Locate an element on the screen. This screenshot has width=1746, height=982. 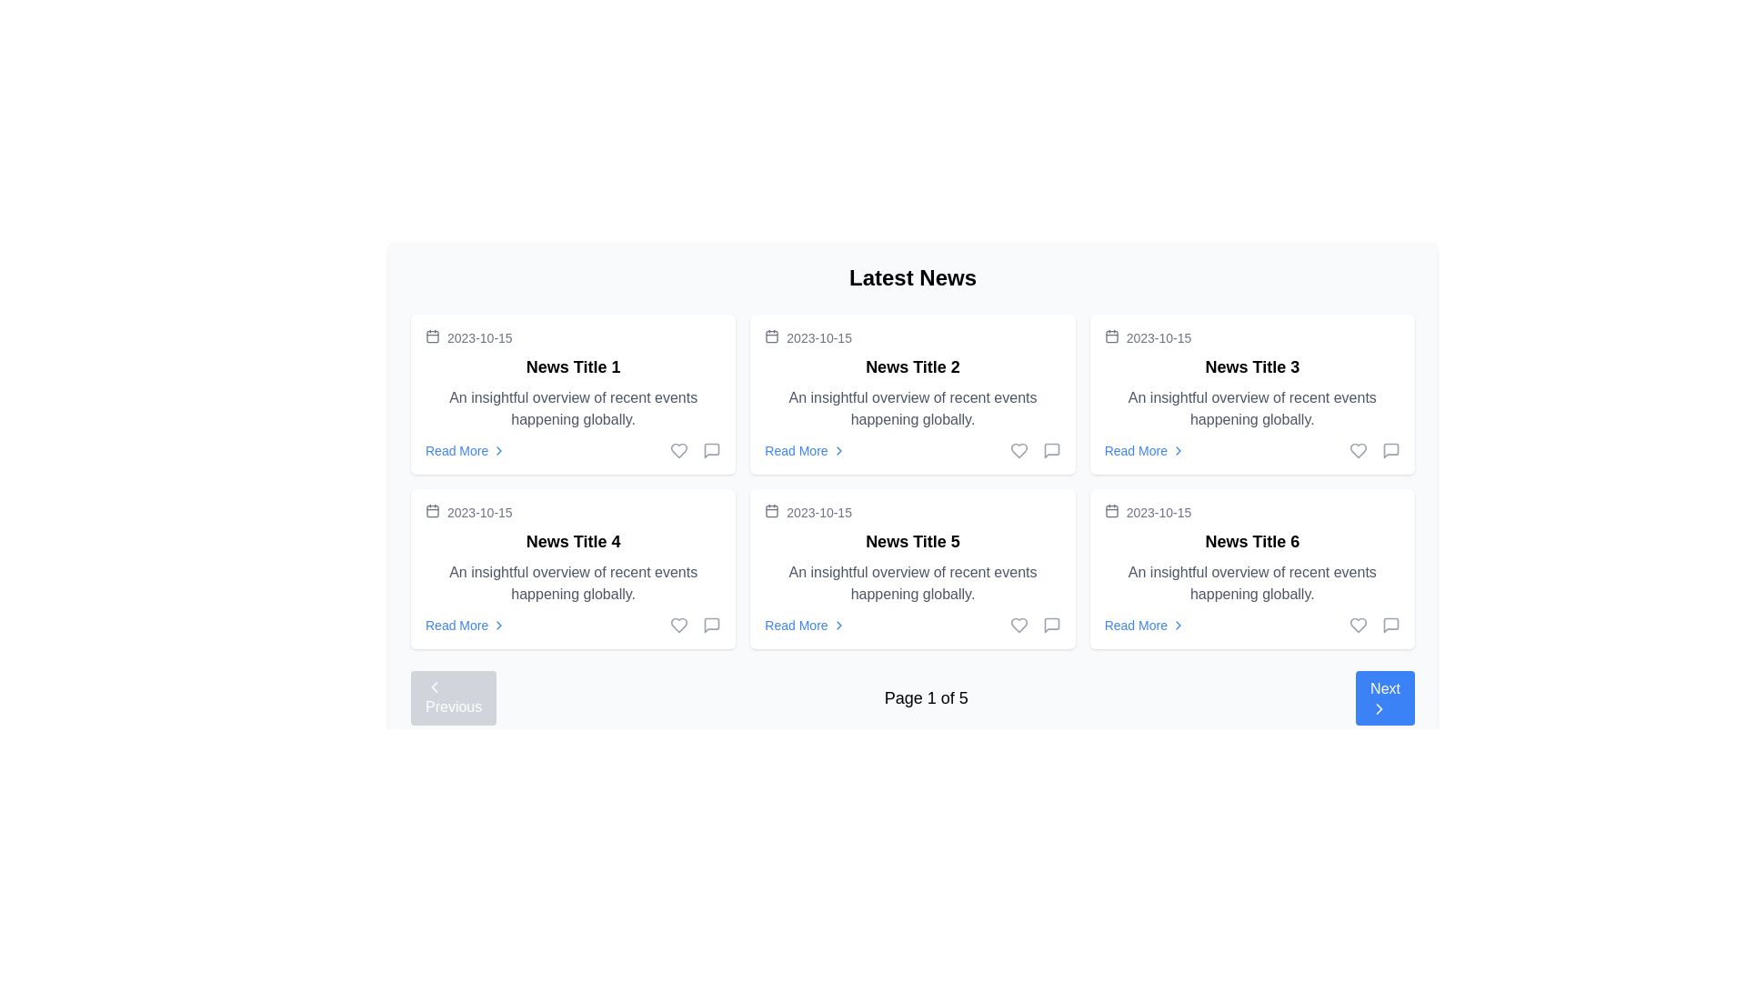
the text description located beneath the headline 'News Title 1' in the first news card is located at coordinates (572, 409).